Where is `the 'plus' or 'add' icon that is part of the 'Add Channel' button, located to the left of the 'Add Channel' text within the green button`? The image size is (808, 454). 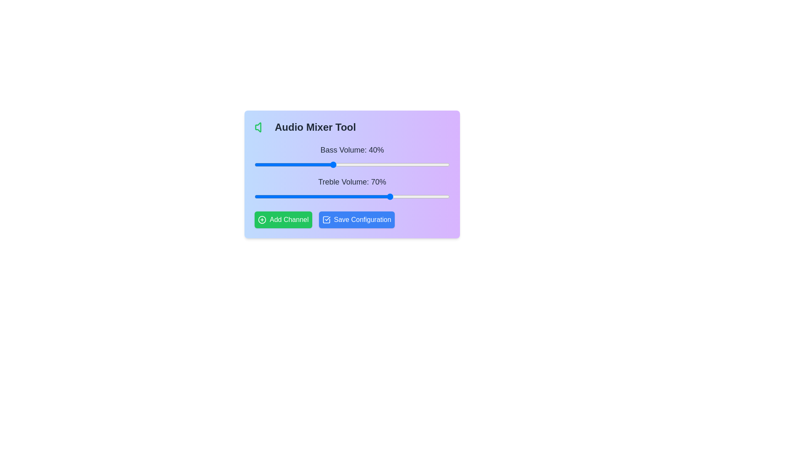 the 'plus' or 'add' icon that is part of the 'Add Channel' button, located to the left of the 'Add Channel' text within the green button is located at coordinates (262, 219).